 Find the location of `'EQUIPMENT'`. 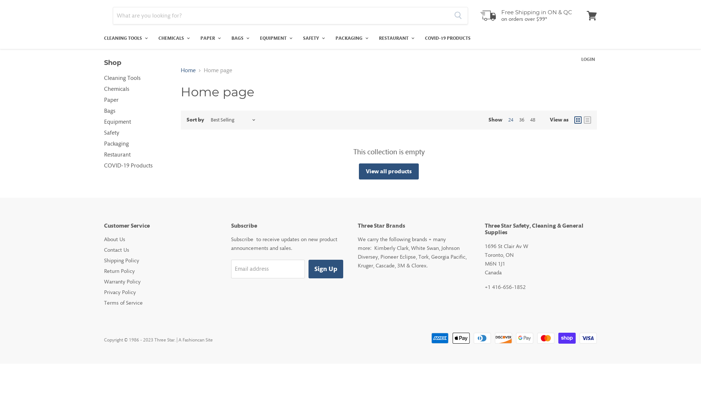

'EQUIPMENT' is located at coordinates (275, 38).